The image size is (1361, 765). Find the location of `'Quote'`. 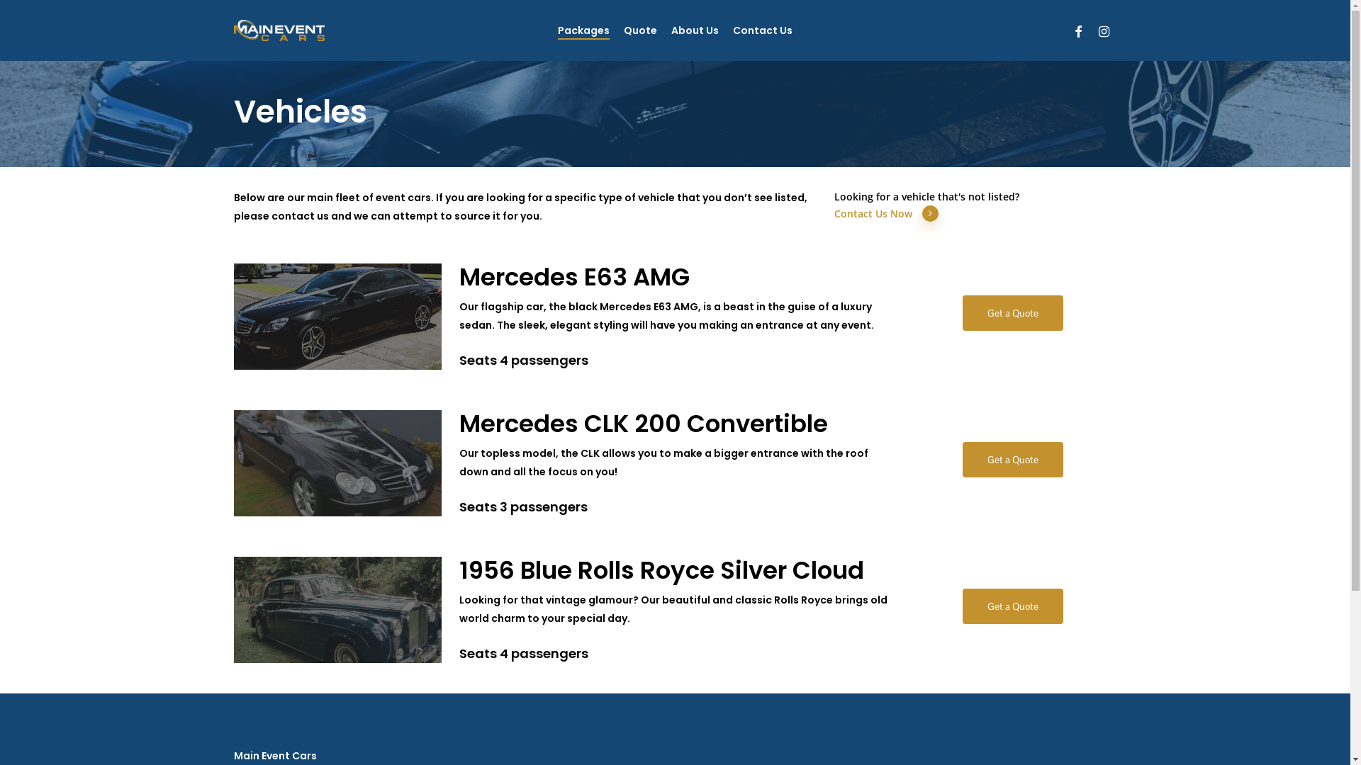

'Quote' is located at coordinates (639, 30).